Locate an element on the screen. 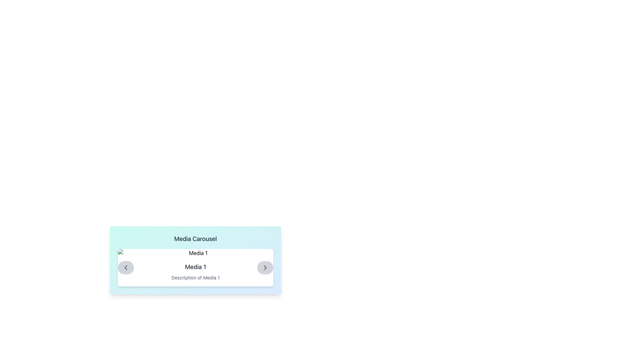 The height and width of the screenshot is (361, 643). the button located at the far left end of the media carousel, adjacent to the media title 'Media 1' is located at coordinates (126, 267).